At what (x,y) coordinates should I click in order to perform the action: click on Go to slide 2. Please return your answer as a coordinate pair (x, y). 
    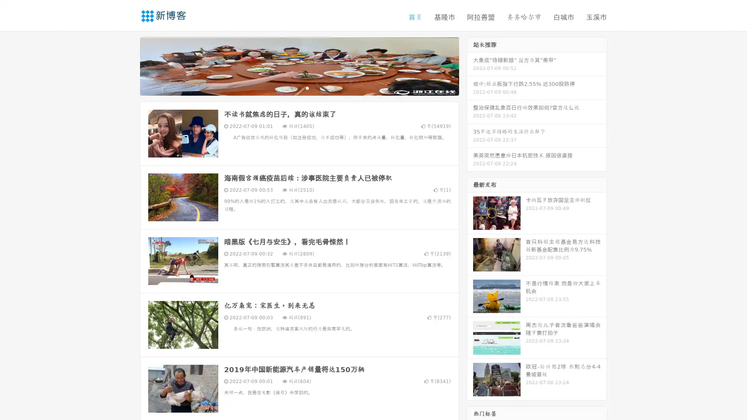
    Looking at the image, I should click on (299, 87).